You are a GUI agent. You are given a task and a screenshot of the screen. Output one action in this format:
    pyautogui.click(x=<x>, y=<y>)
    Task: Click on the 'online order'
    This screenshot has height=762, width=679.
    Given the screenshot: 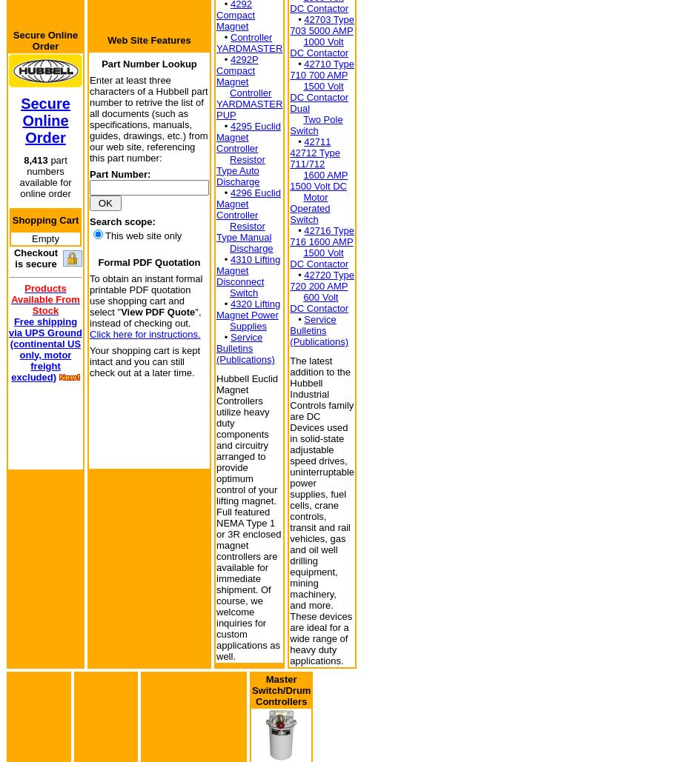 What is the action you would take?
    pyautogui.click(x=44, y=192)
    